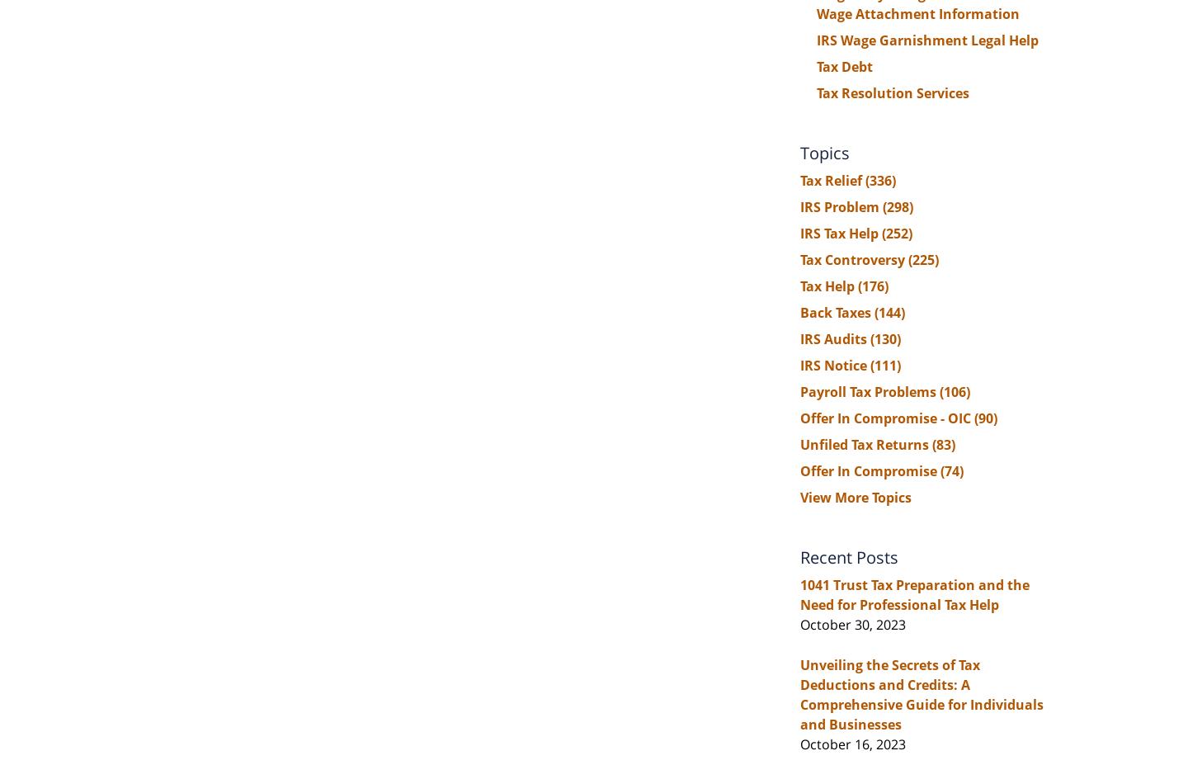  Describe the element at coordinates (955, 390) in the screenshot. I see `'(106)'` at that location.